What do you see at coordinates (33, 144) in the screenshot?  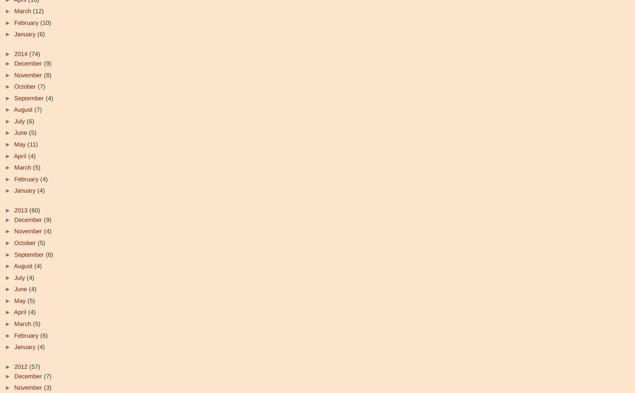 I see `'(11)'` at bounding box center [33, 144].